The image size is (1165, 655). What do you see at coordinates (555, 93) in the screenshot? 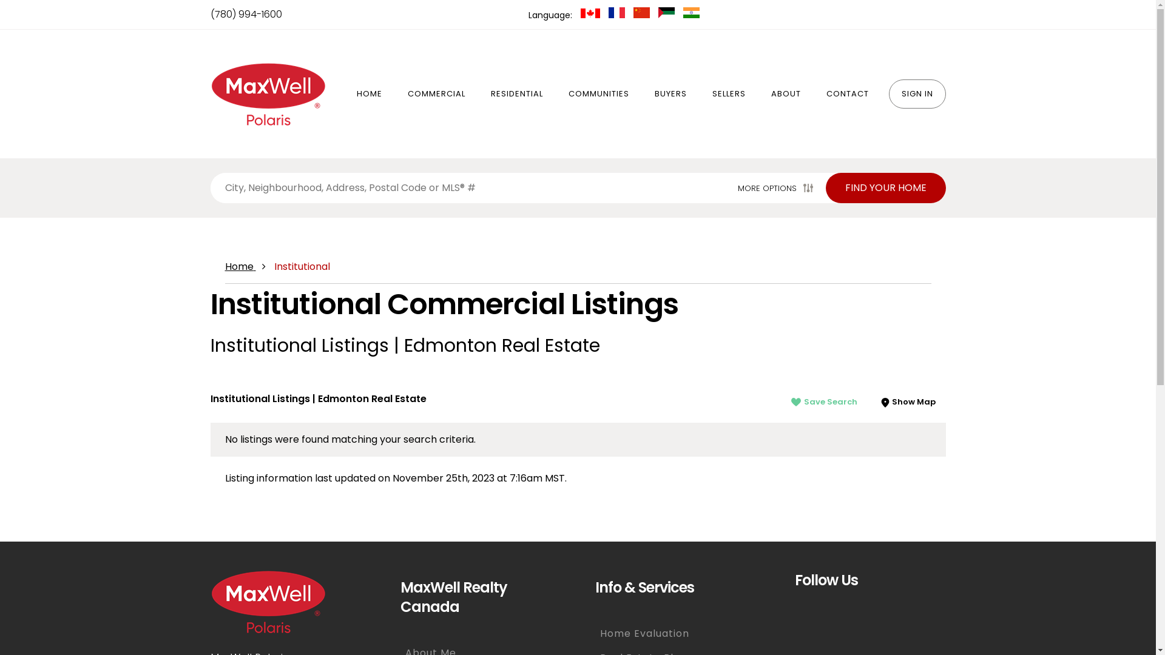
I see `'COMMUNITIES'` at bounding box center [555, 93].